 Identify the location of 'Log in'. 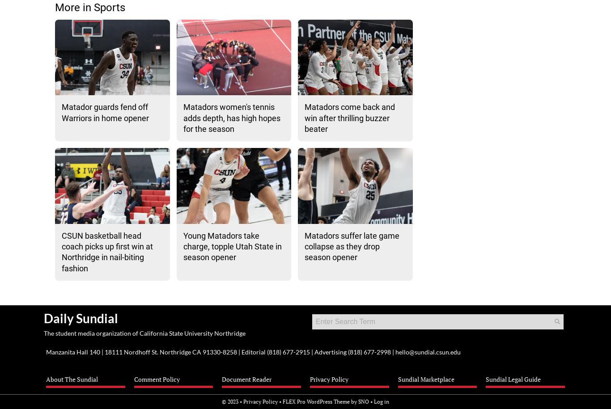
(381, 401).